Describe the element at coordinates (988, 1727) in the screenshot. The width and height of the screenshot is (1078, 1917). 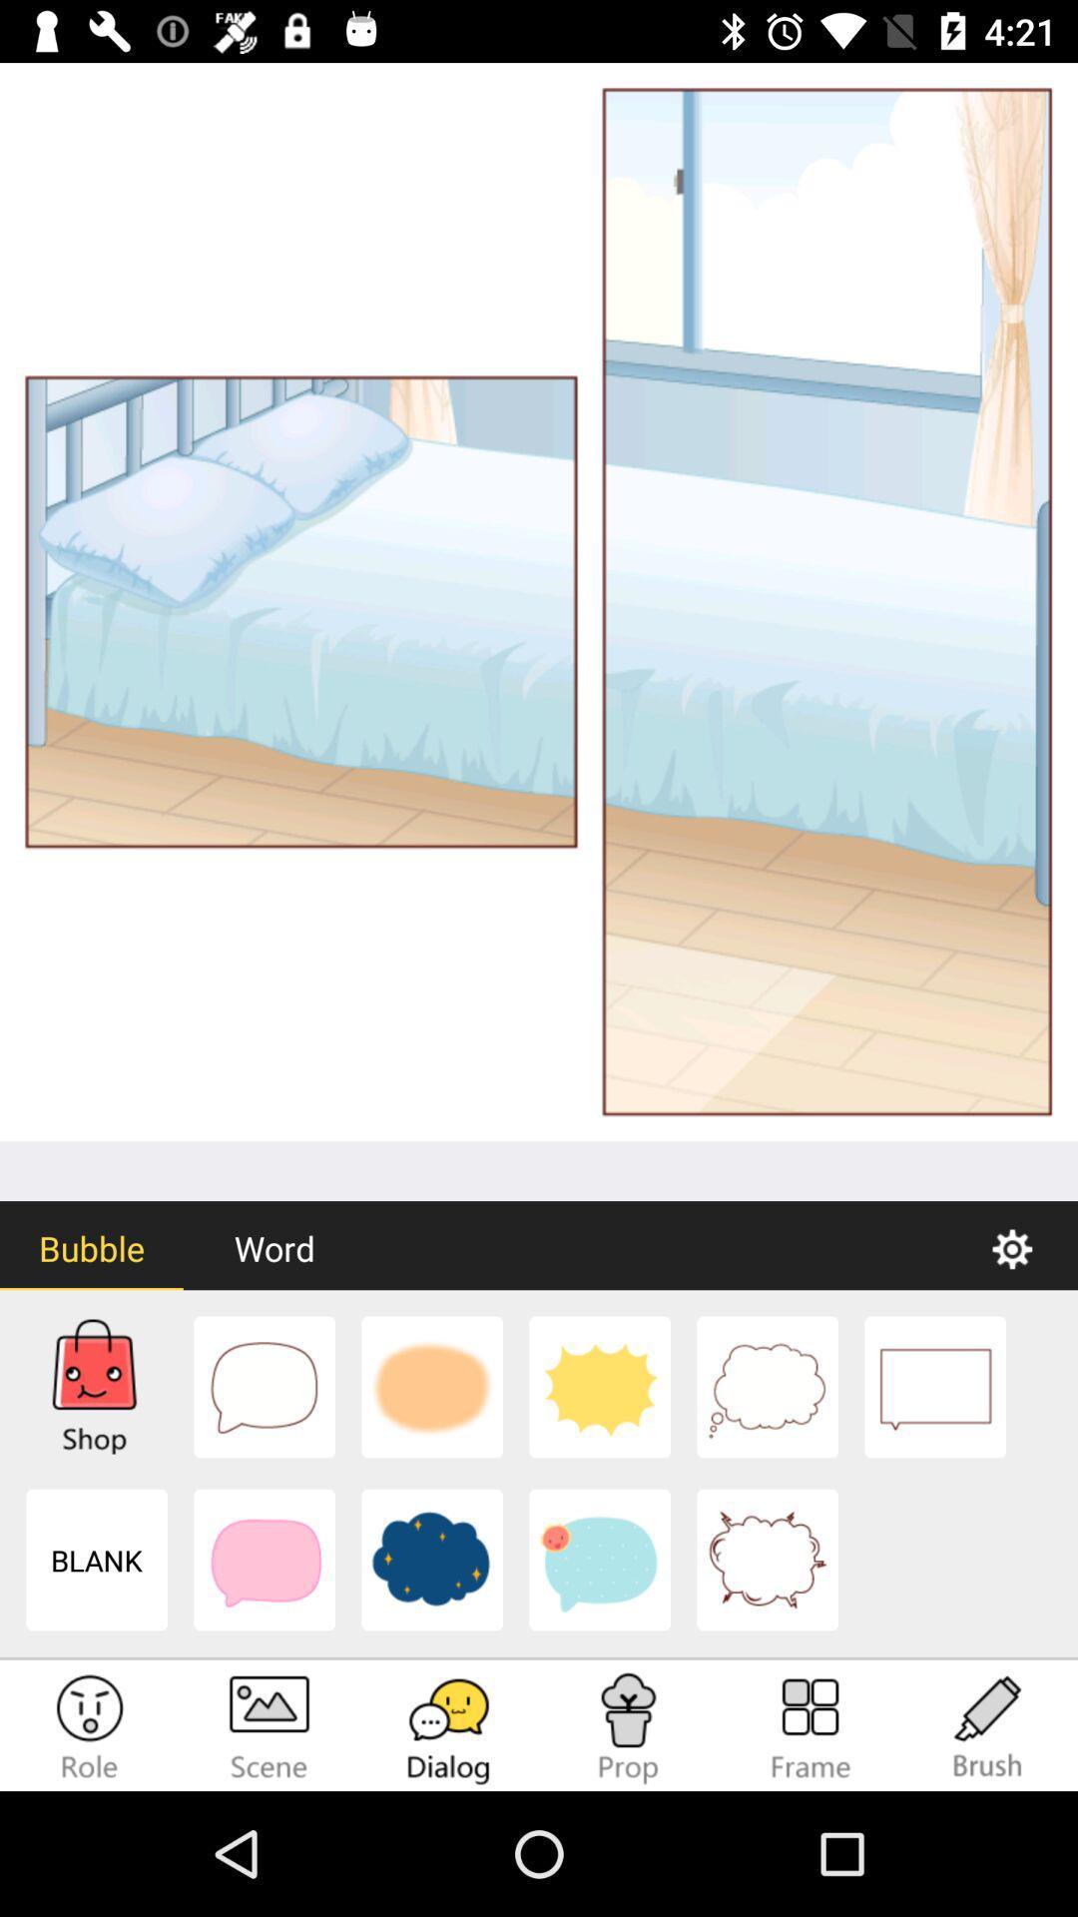
I see `the edit icon` at that location.